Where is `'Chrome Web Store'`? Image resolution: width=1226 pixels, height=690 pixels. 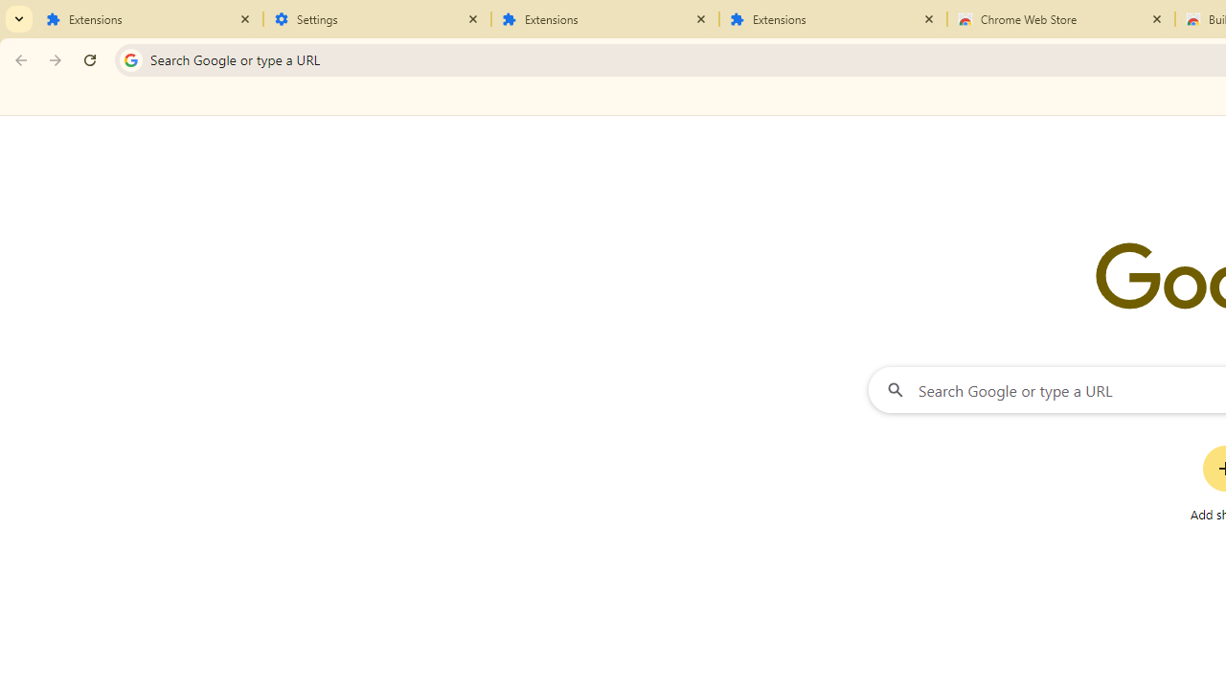 'Chrome Web Store' is located at coordinates (1060, 19).